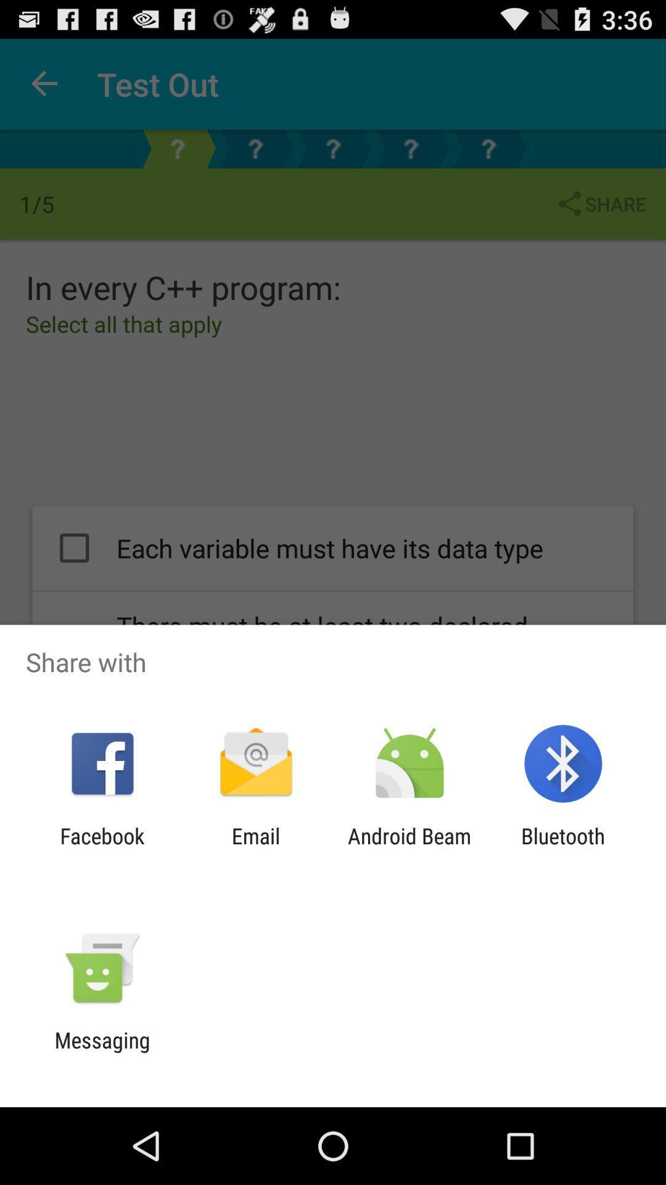 This screenshot has width=666, height=1185. What do you see at coordinates (255, 848) in the screenshot?
I see `email` at bounding box center [255, 848].